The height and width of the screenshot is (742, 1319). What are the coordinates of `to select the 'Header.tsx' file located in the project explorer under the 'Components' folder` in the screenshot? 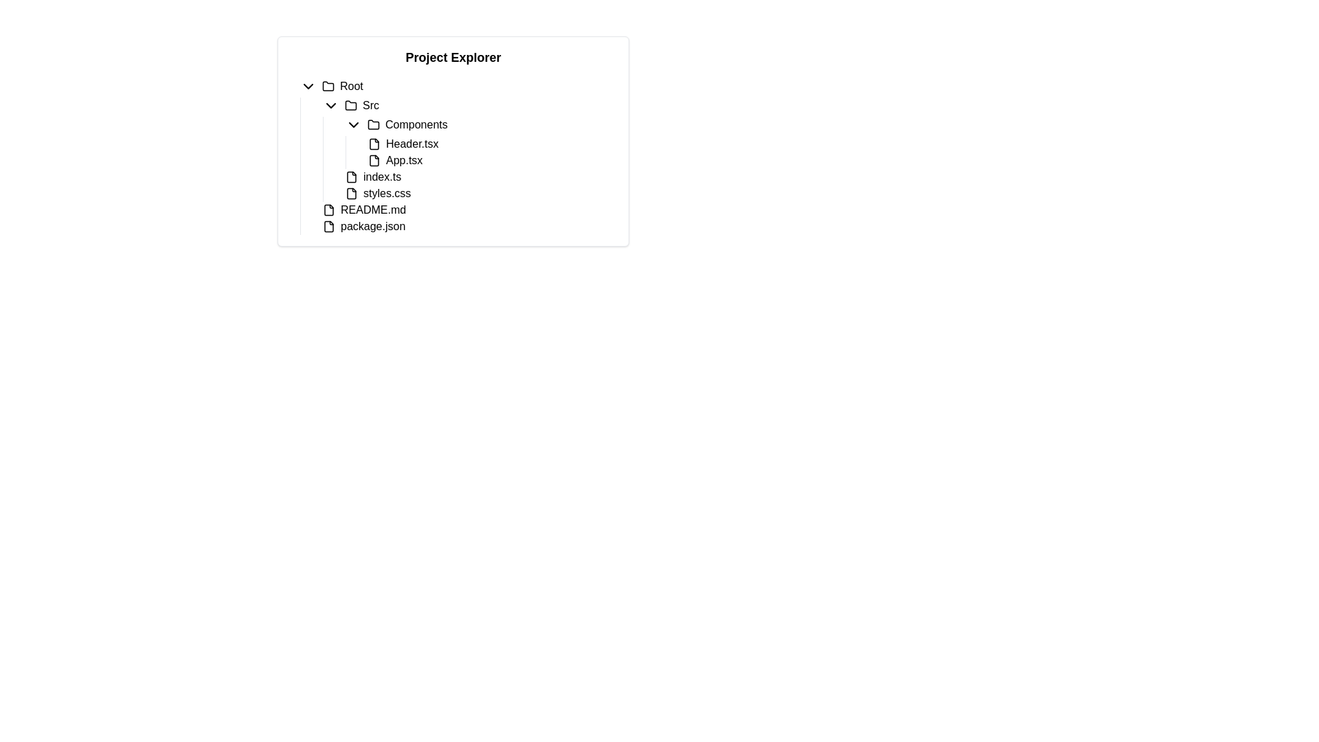 It's located at (412, 144).